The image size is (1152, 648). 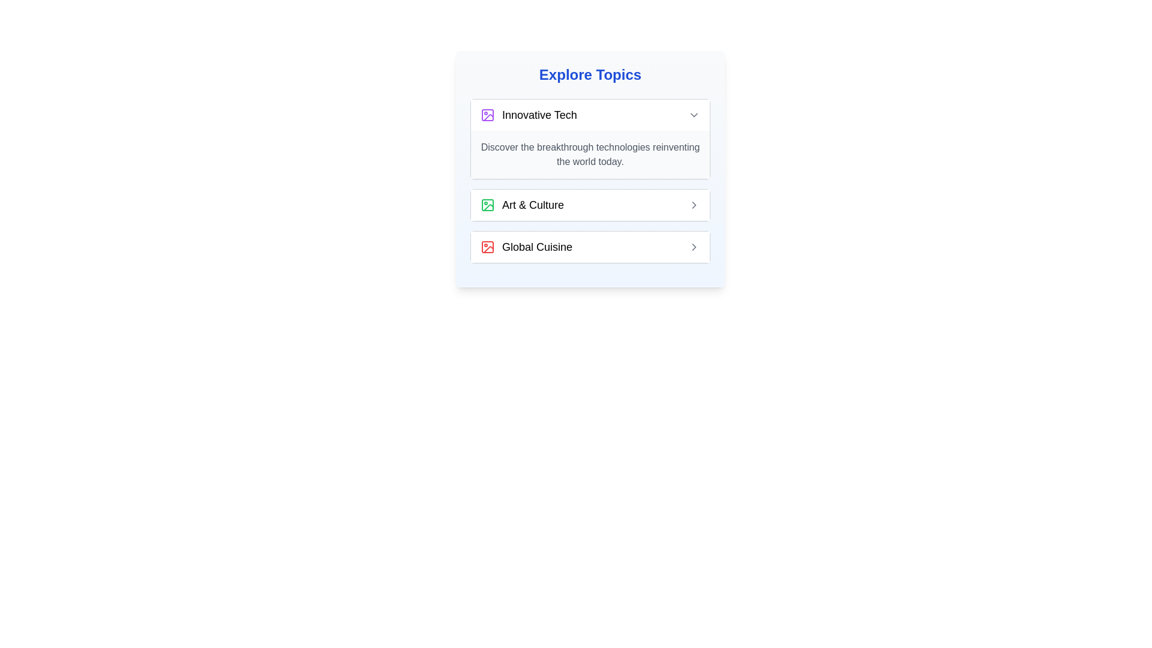 What do you see at coordinates (590, 247) in the screenshot?
I see `the 'Global Cuisine' button, which is the third item in the 'Explore Topics' vertical stack` at bounding box center [590, 247].